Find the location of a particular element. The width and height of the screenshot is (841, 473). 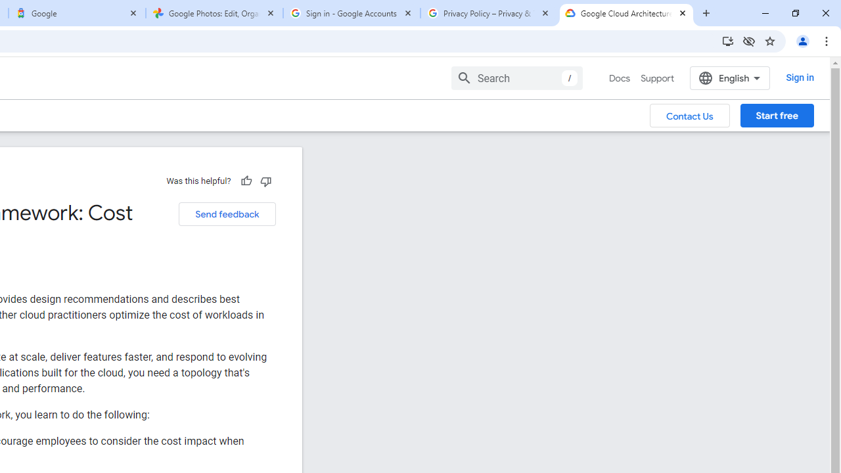

'Not helpful' is located at coordinates (265, 181).